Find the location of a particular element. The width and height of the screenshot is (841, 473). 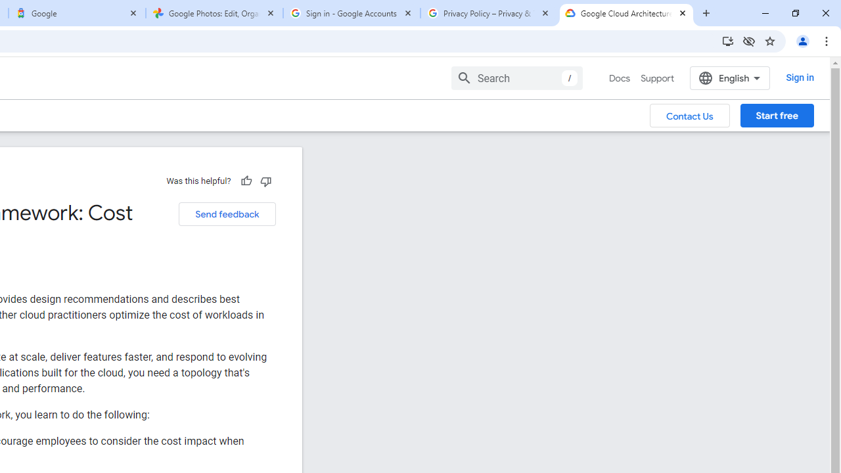

'Not helpful' is located at coordinates (265, 181).